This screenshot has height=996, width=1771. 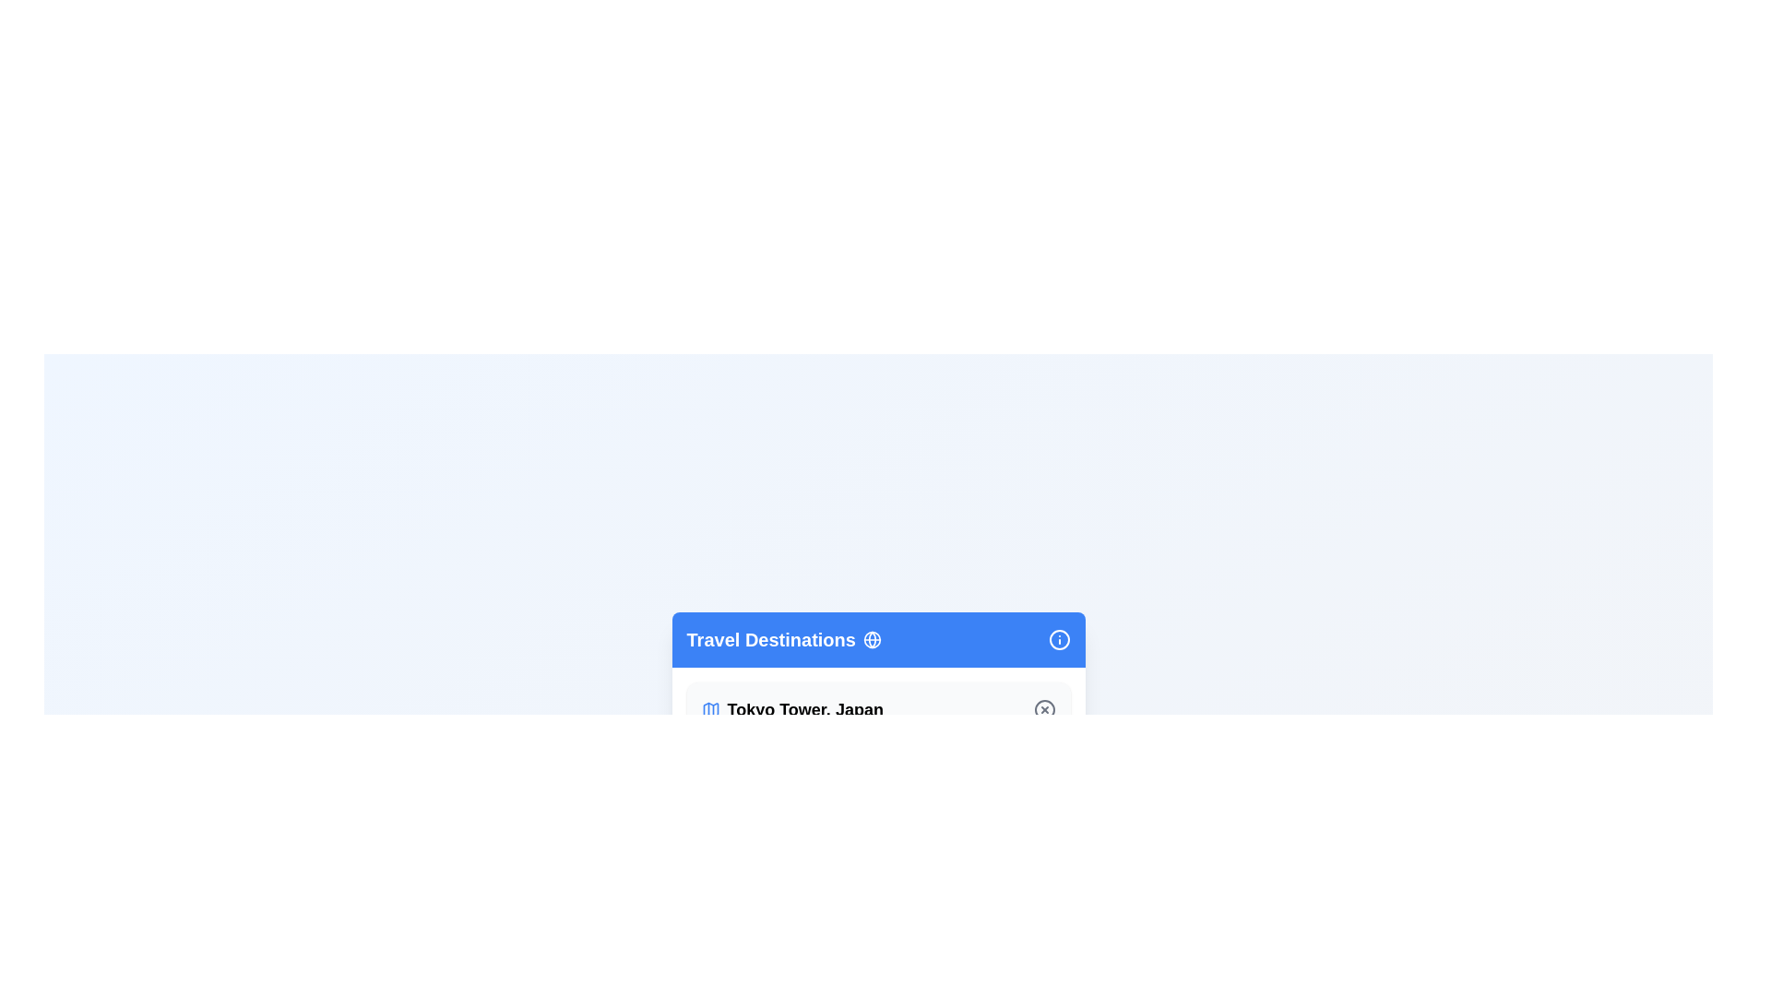 I want to click on text content of the 'Tokyo Tower, Japan' label, which is styled with a bold, large font and positioned next to a blue map icon within the 'Travel Destinations' section, so click(x=792, y=709).